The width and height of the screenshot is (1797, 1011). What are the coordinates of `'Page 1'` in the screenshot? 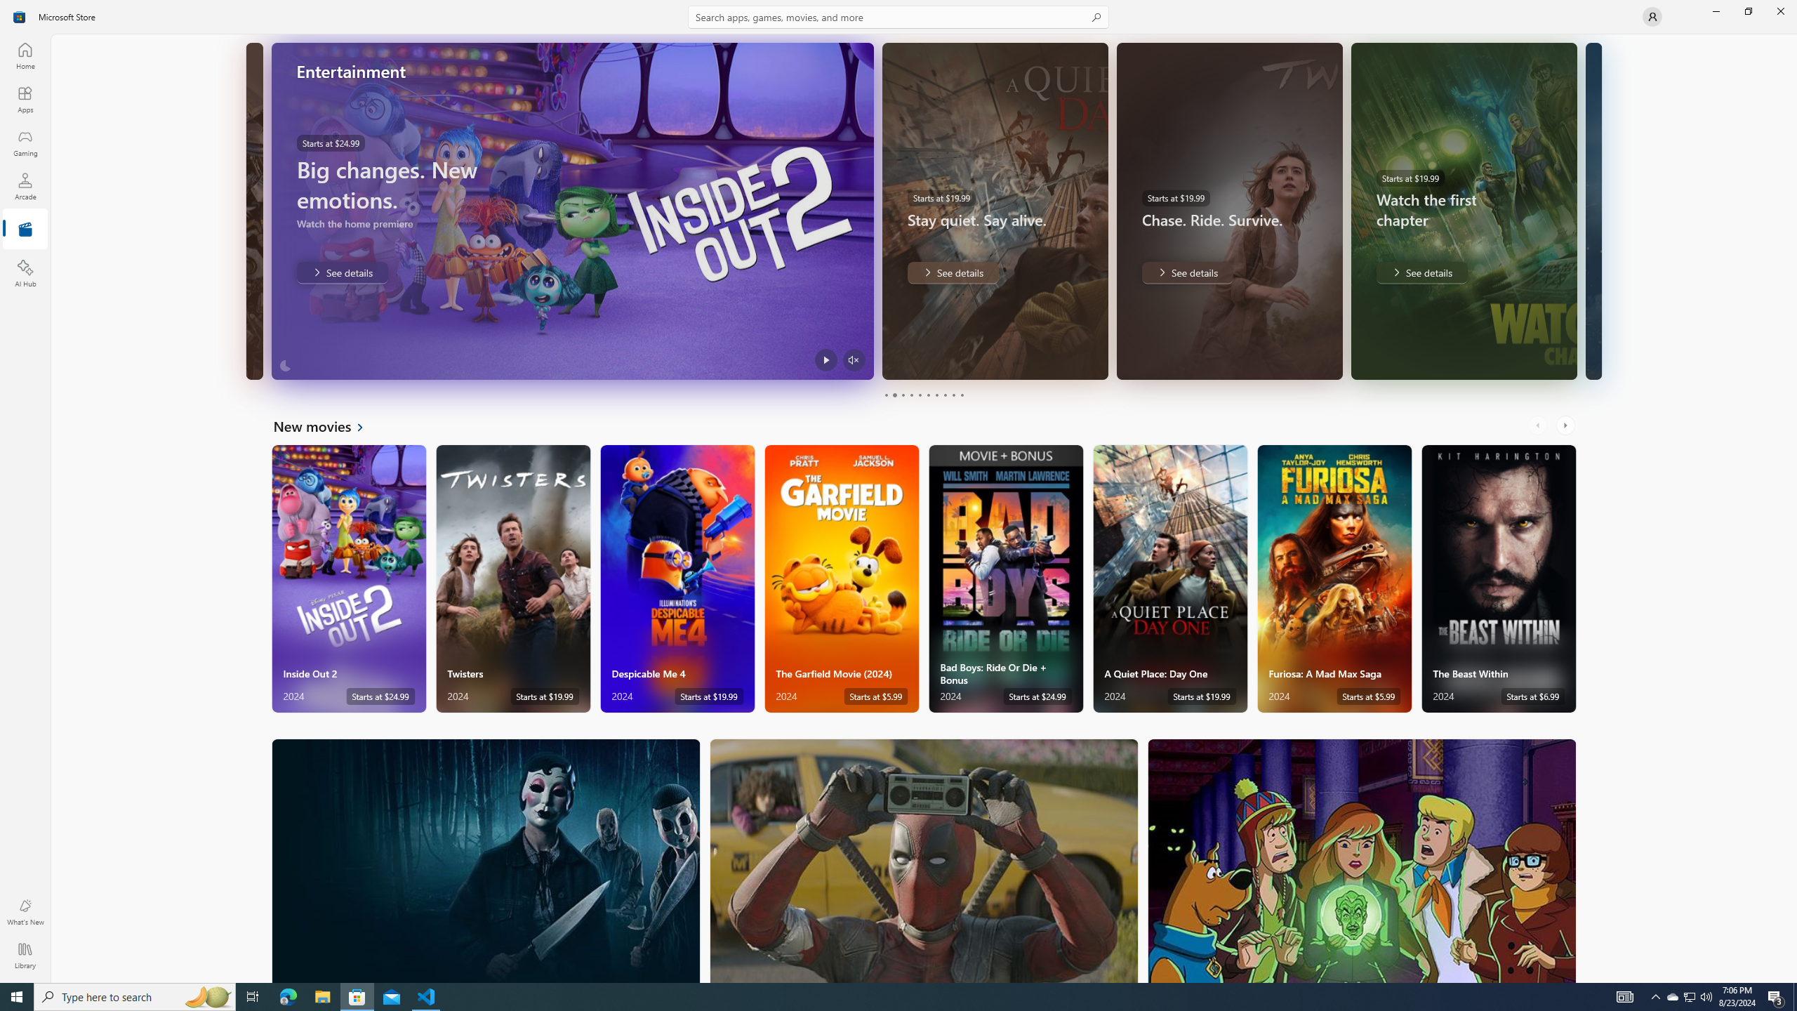 It's located at (885, 395).